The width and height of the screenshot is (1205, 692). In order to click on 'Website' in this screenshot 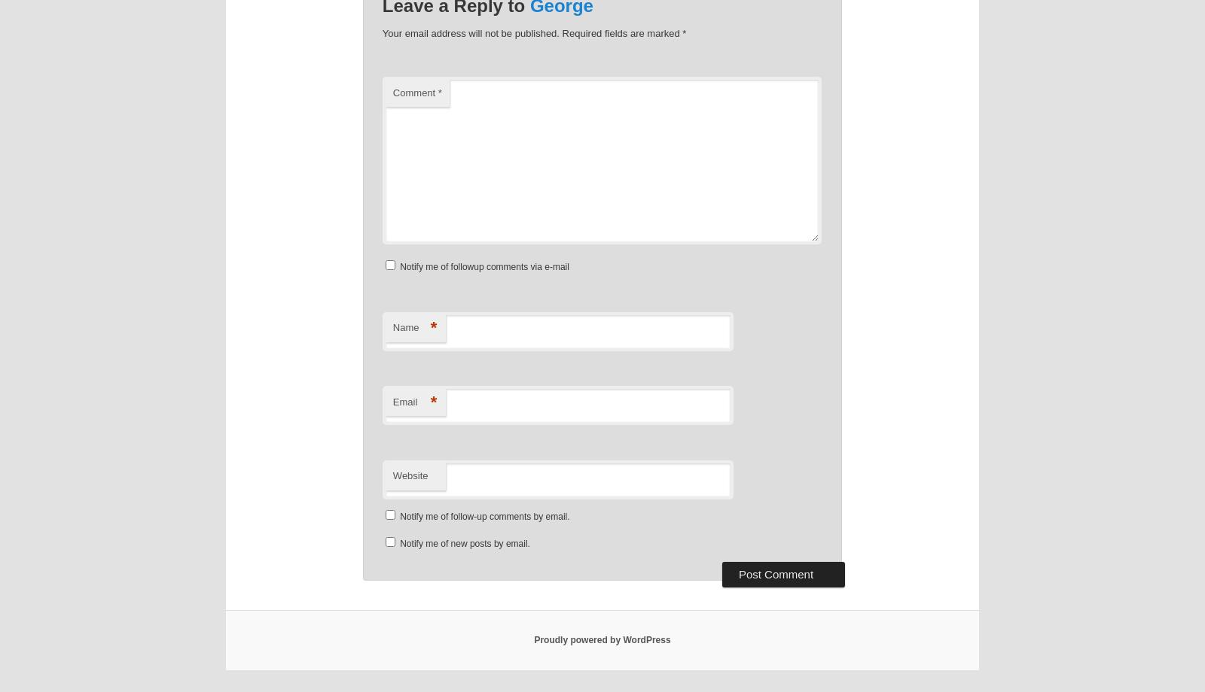, I will do `click(409, 475)`.